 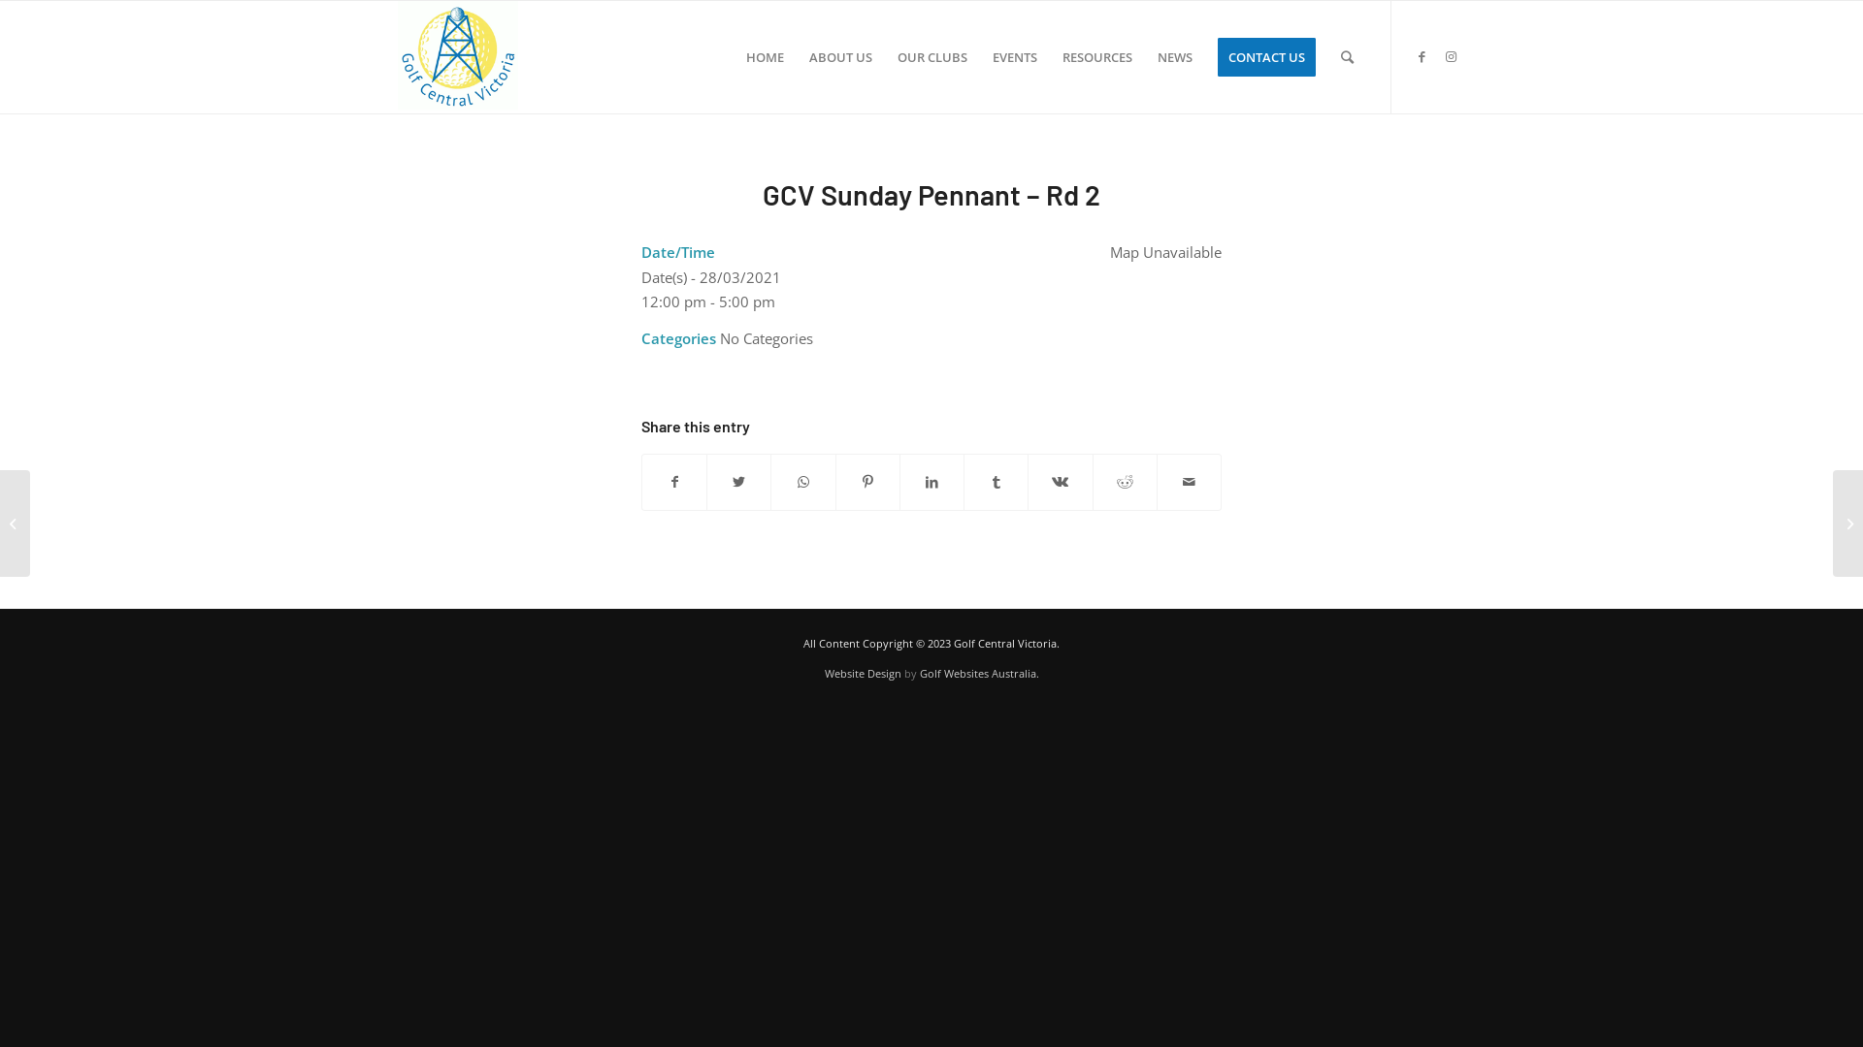 I want to click on 'RESOURCES', so click(x=1097, y=55).